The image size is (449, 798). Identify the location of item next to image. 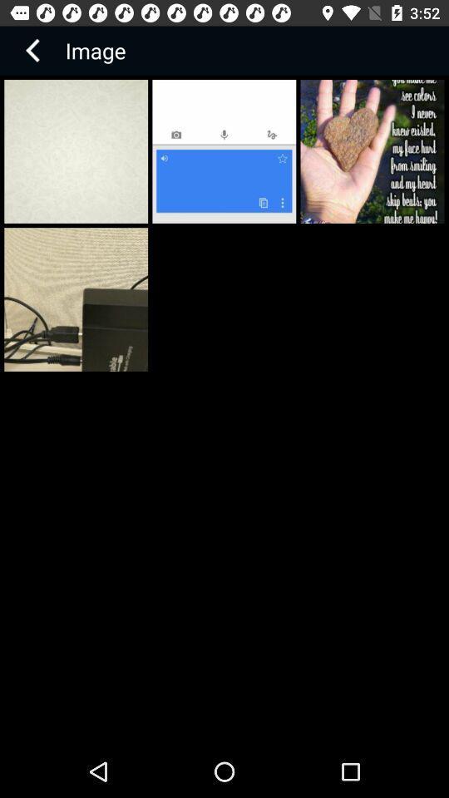
(32, 51).